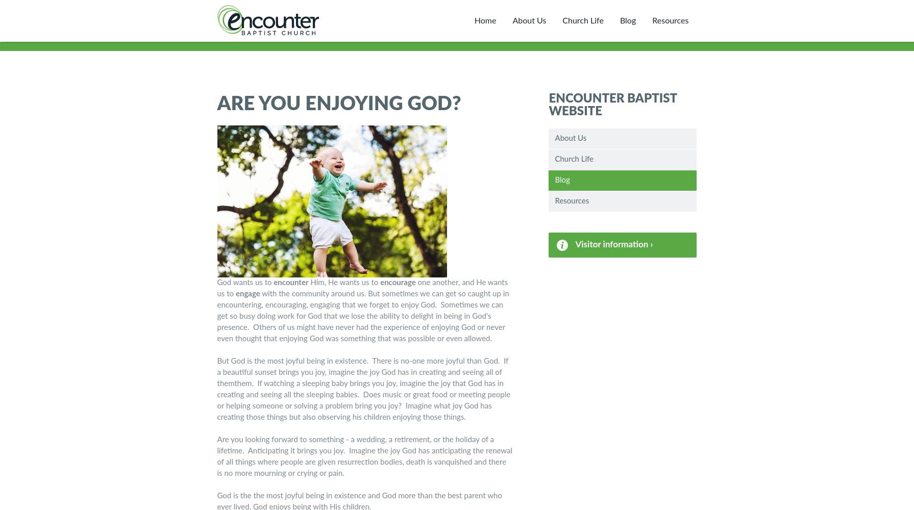  I want to click on 'God wants us to', so click(217, 283).